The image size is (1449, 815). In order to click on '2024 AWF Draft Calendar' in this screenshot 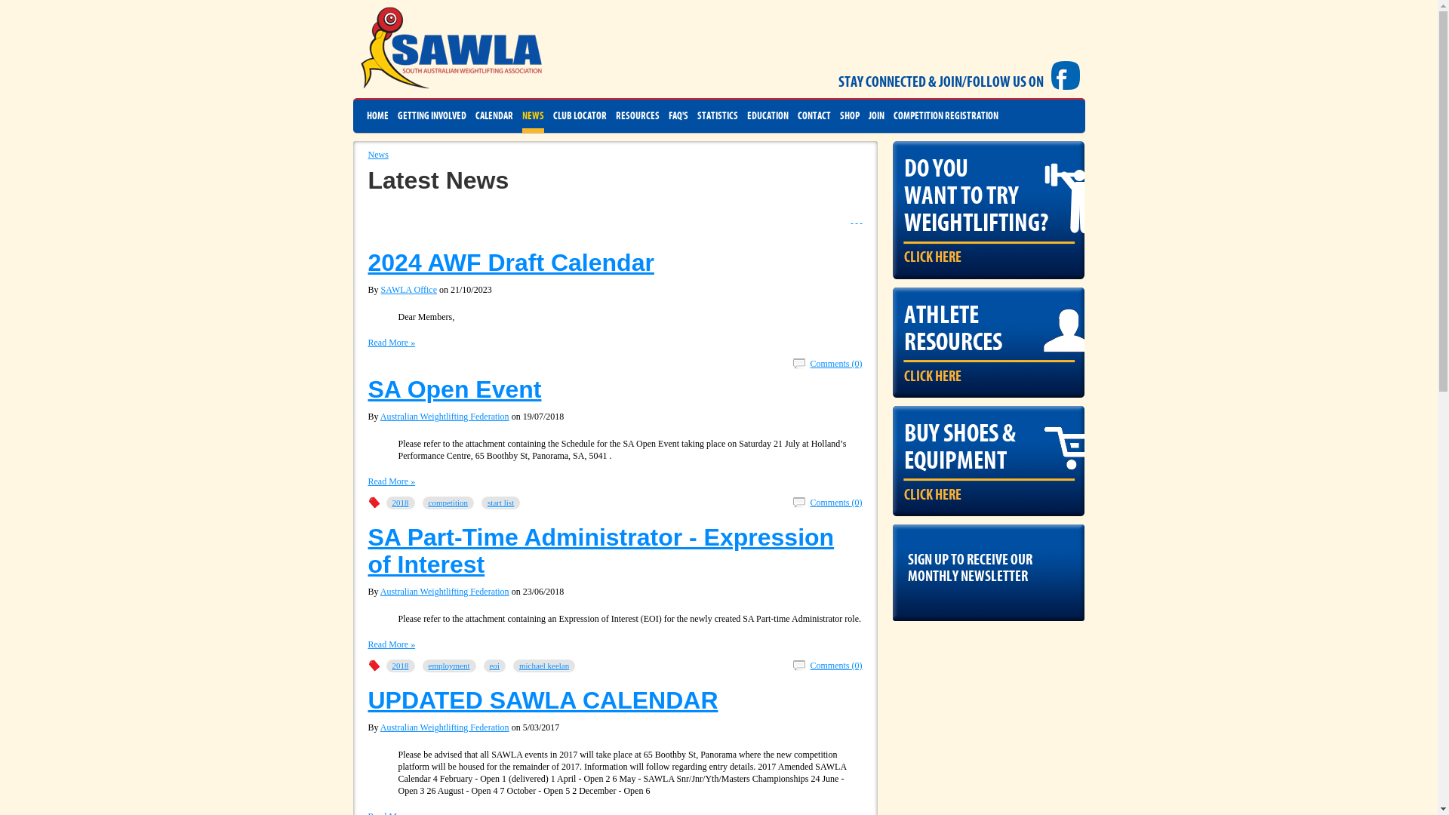, I will do `click(511, 261)`.